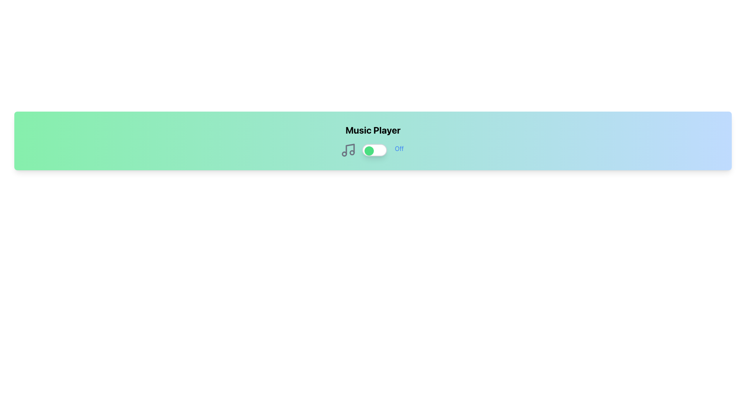 This screenshot has height=417, width=743. I want to click on the upper right circle of the Decorative SVG component within the music note icon, which is located next to the 'Off' toggle switch on the gradient bar, so click(352, 152).